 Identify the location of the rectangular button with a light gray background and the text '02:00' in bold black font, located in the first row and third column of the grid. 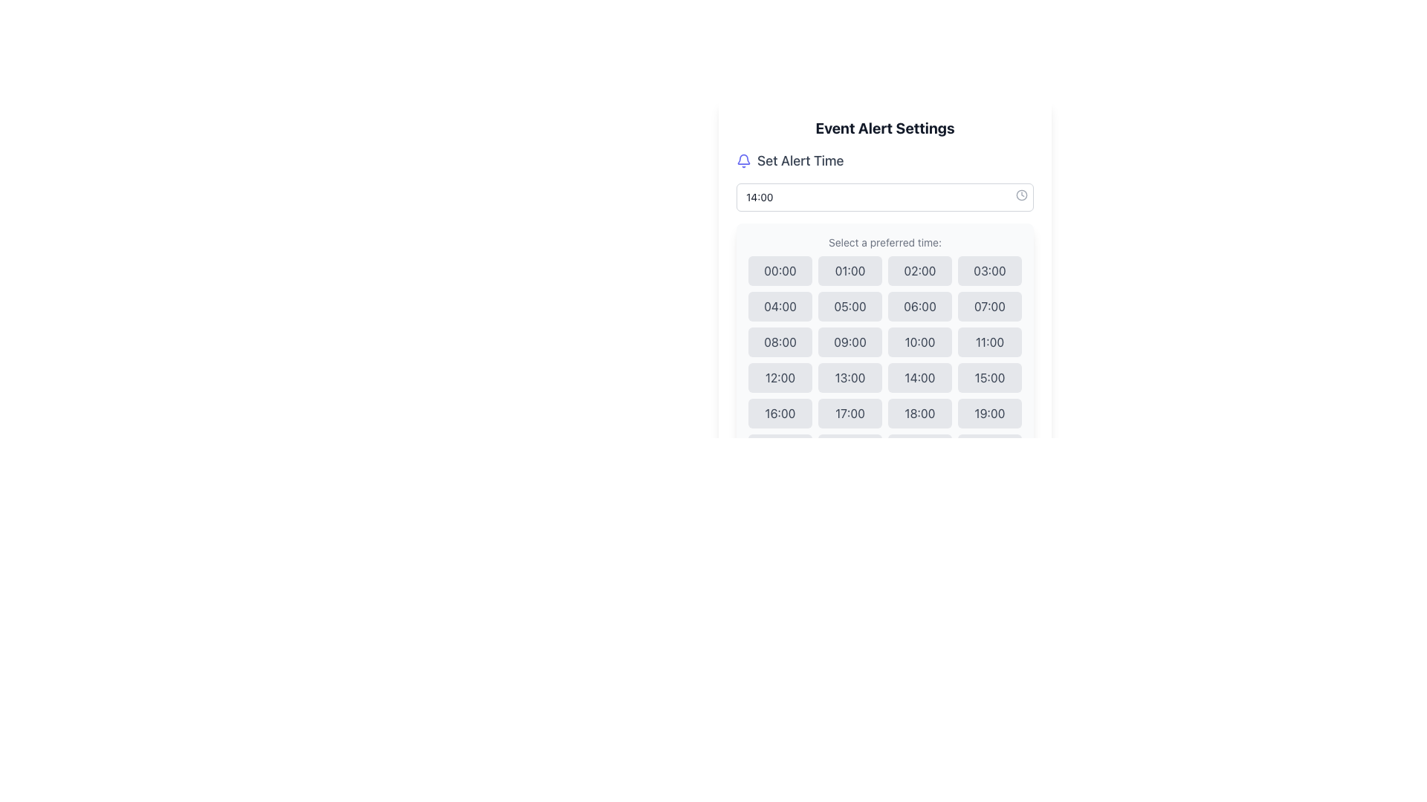
(919, 271).